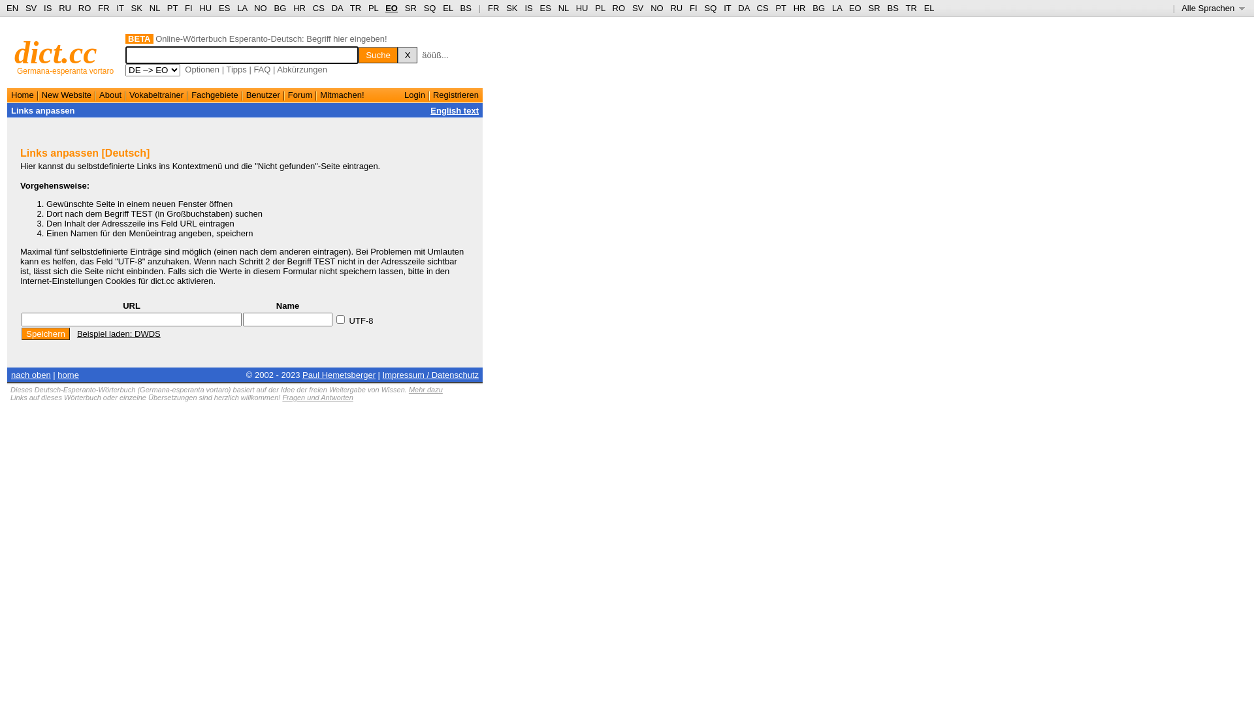 The height and width of the screenshot is (705, 1254). I want to click on 'Suche', so click(378, 54).